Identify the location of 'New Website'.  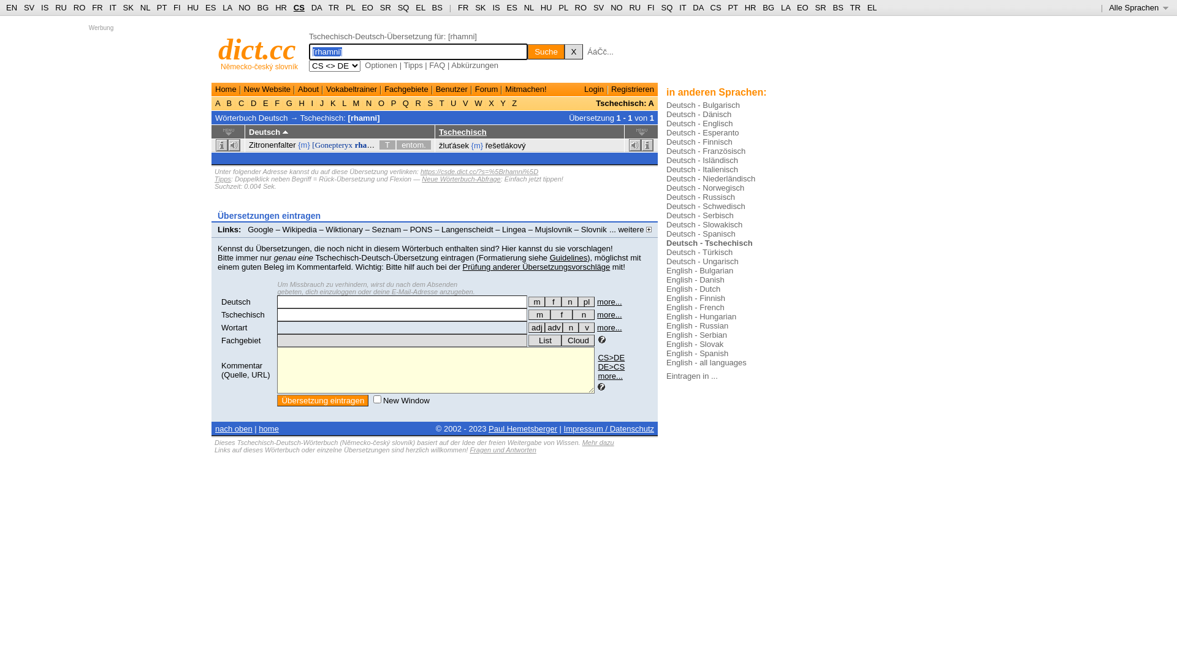
(267, 88).